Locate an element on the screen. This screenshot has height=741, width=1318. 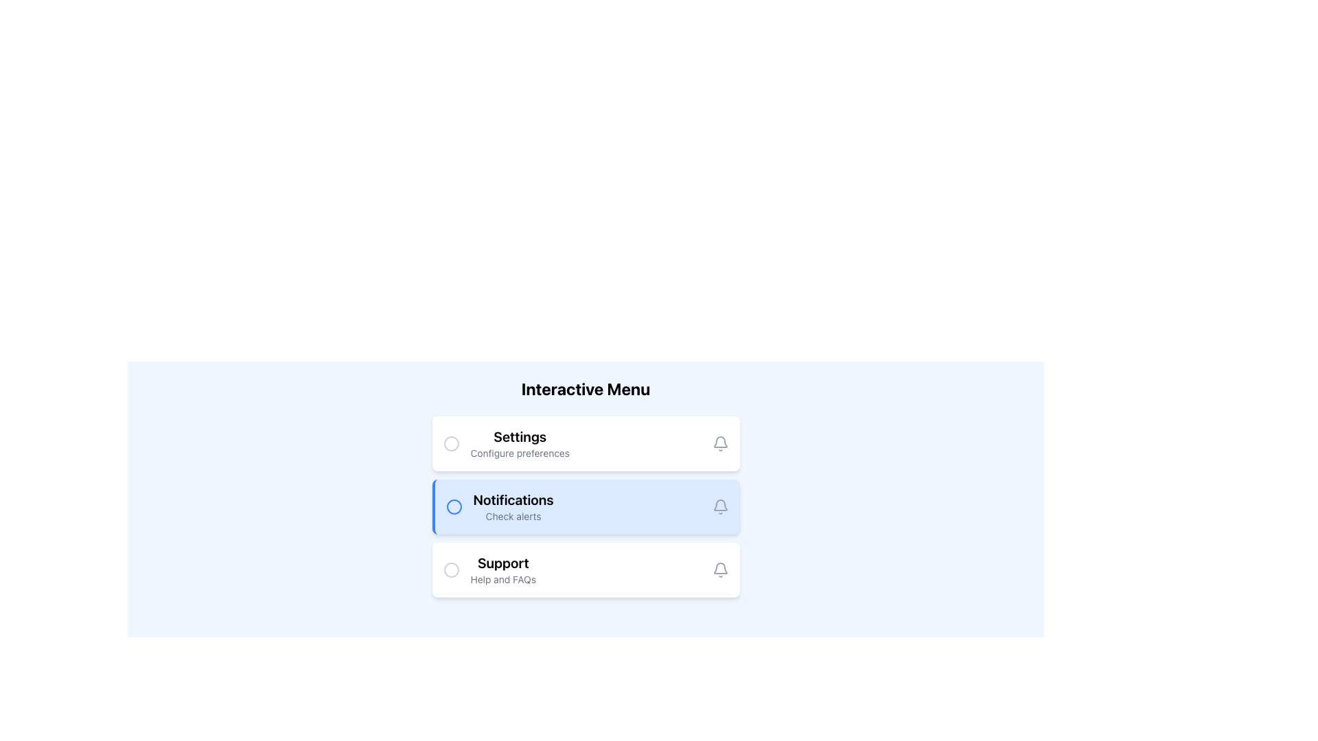
the circular SVG icon with a blue outline located to the left of the 'Notifications' menu item, above 'Check alerts' is located at coordinates (454, 507).